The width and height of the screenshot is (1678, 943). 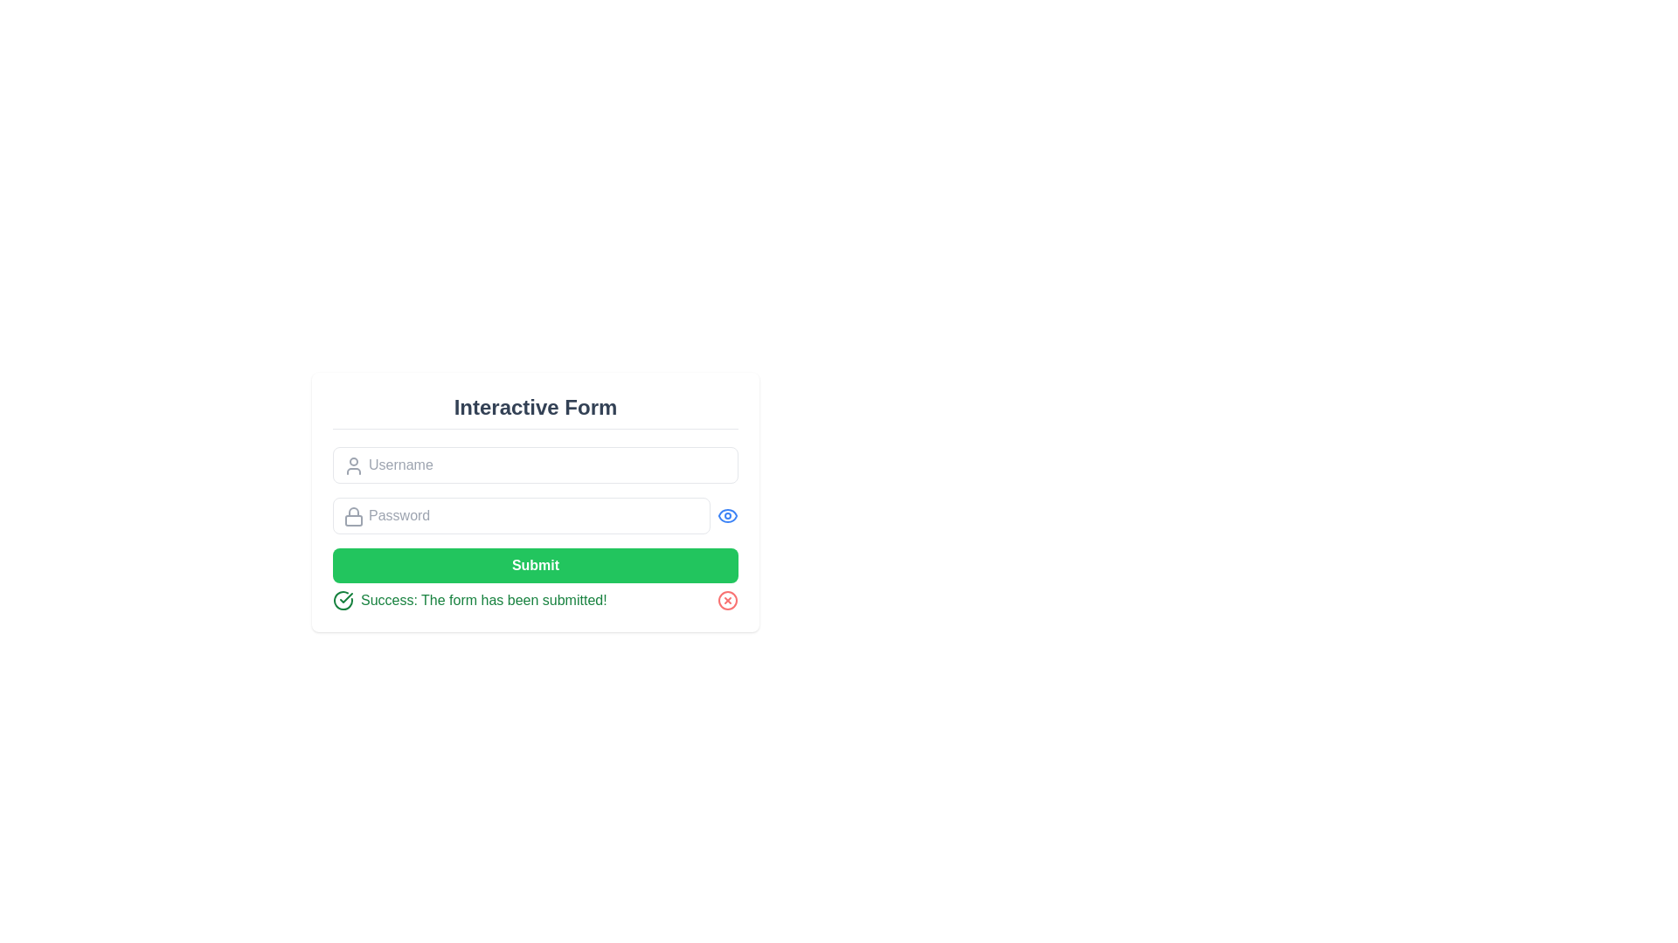 What do you see at coordinates (535, 566) in the screenshot?
I see `the submission button located at the bottom of the form` at bounding box center [535, 566].